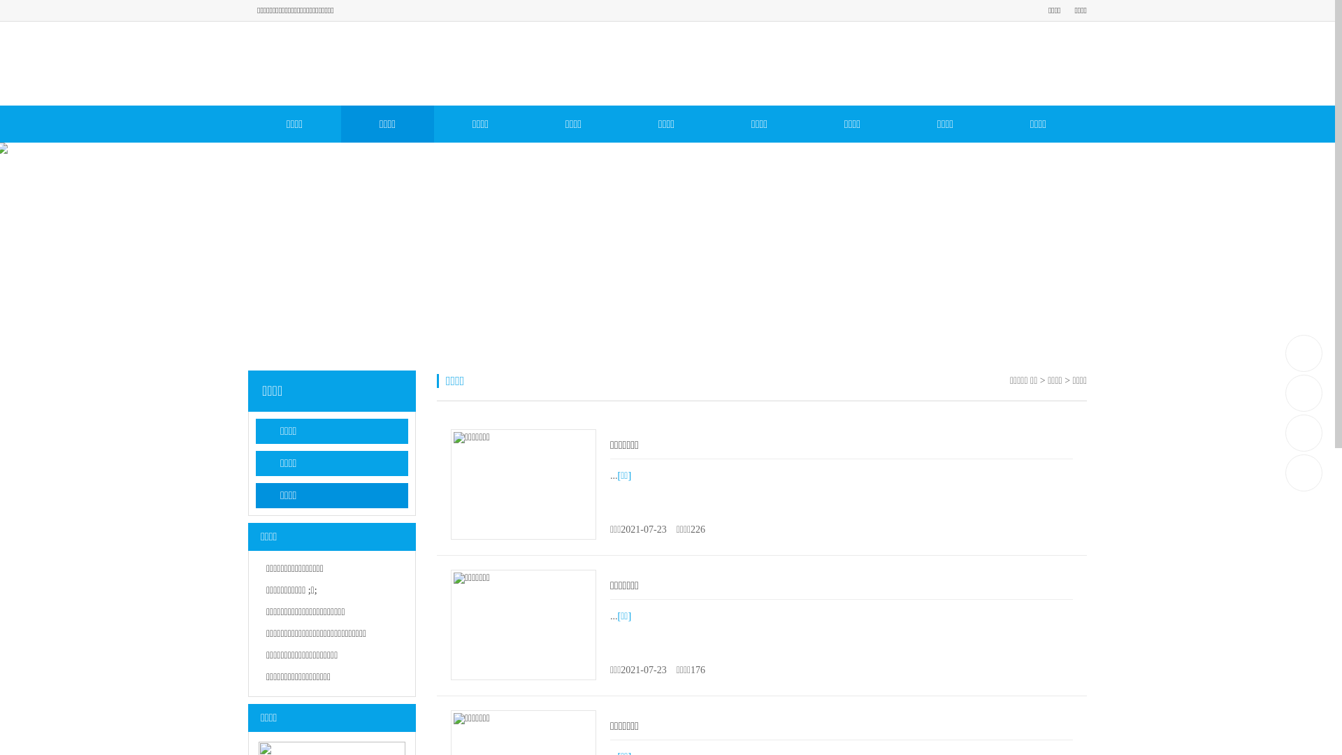 The width and height of the screenshot is (1342, 755). What do you see at coordinates (1304, 352) in the screenshot?
I see `'137-1929-7992'` at bounding box center [1304, 352].